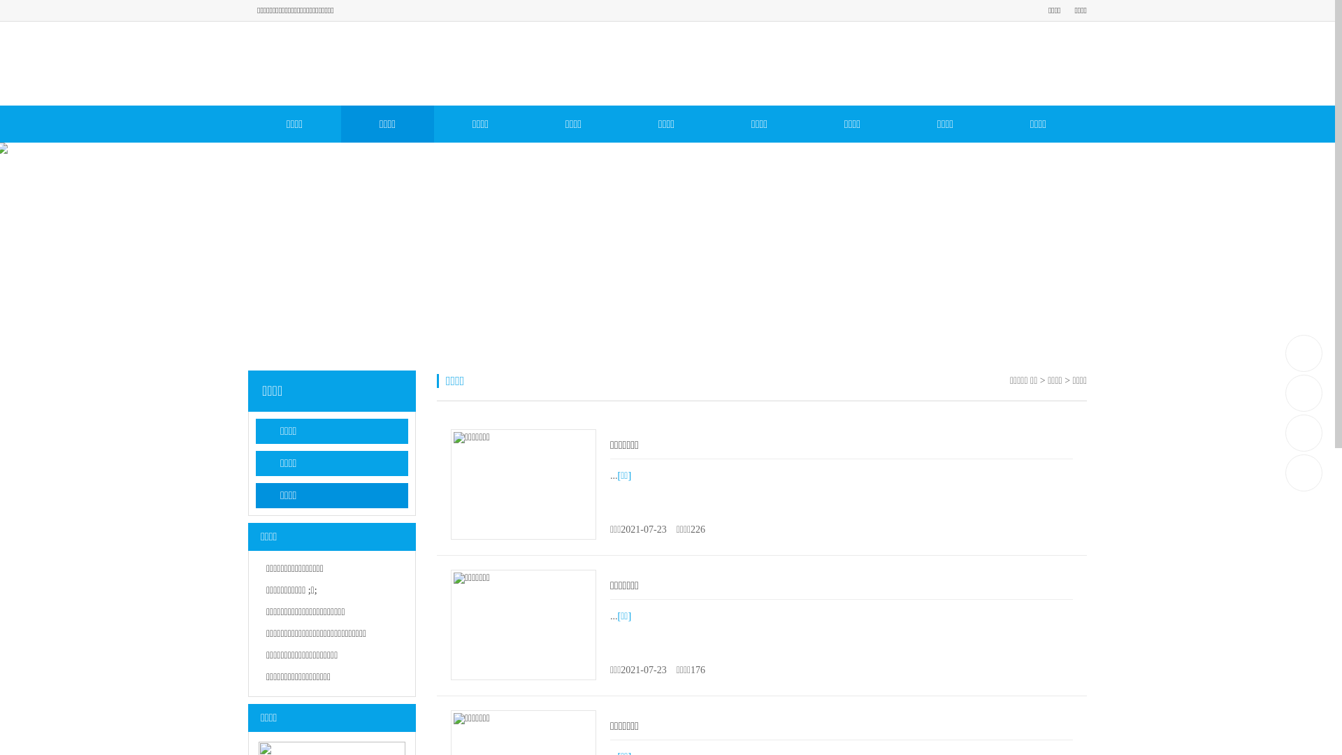 The width and height of the screenshot is (1342, 755). What do you see at coordinates (1304, 352) in the screenshot?
I see `'137-1929-7992'` at bounding box center [1304, 352].